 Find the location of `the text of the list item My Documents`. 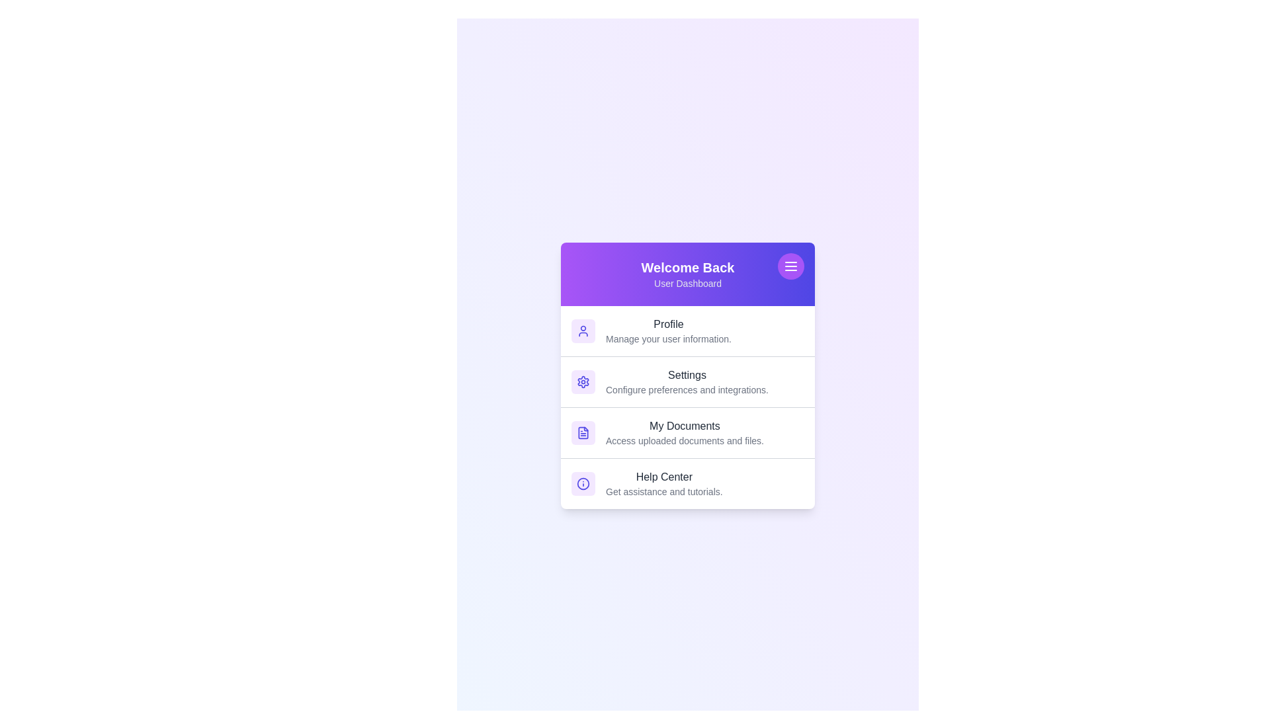

the text of the list item My Documents is located at coordinates (688, 426).